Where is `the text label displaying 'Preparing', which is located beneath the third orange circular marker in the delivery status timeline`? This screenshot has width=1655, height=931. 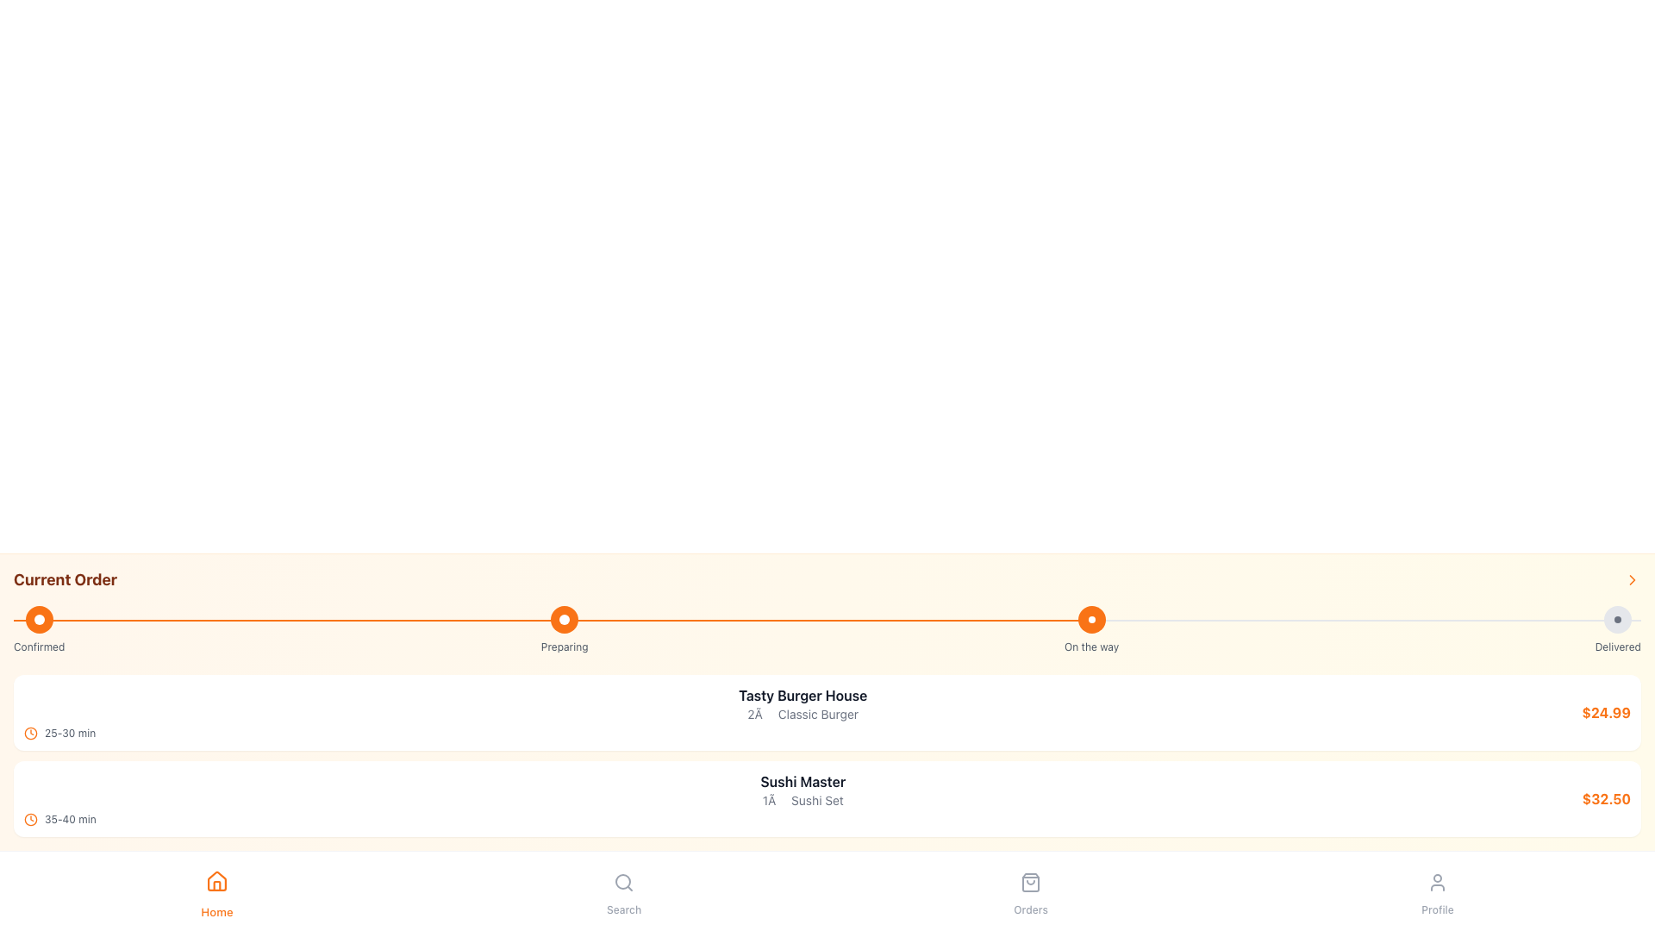
the text label displaying 'Preparing', which is located beneath the third orange circular marker in the delivery status timeline is located at coordinates (565, 647).